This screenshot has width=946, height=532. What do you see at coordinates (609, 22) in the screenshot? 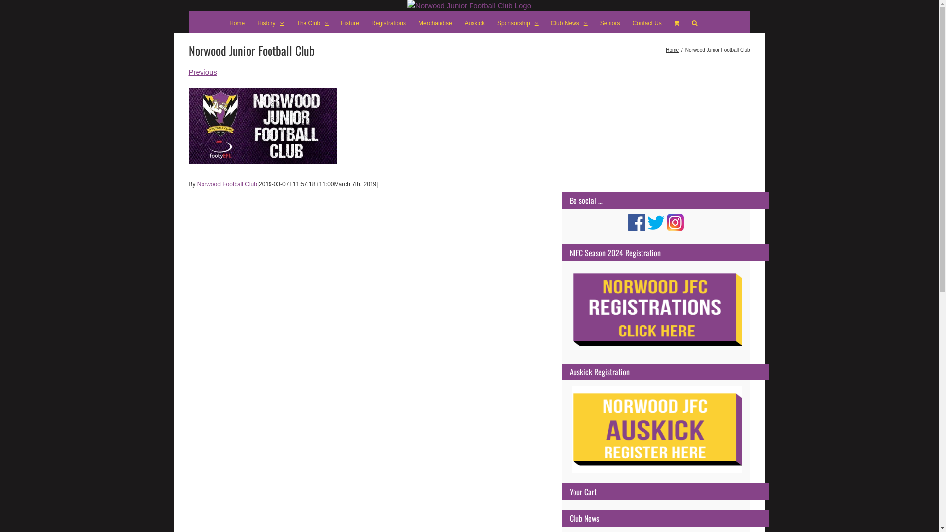
I see `'Seniors'` at bounding box center [609, 22].